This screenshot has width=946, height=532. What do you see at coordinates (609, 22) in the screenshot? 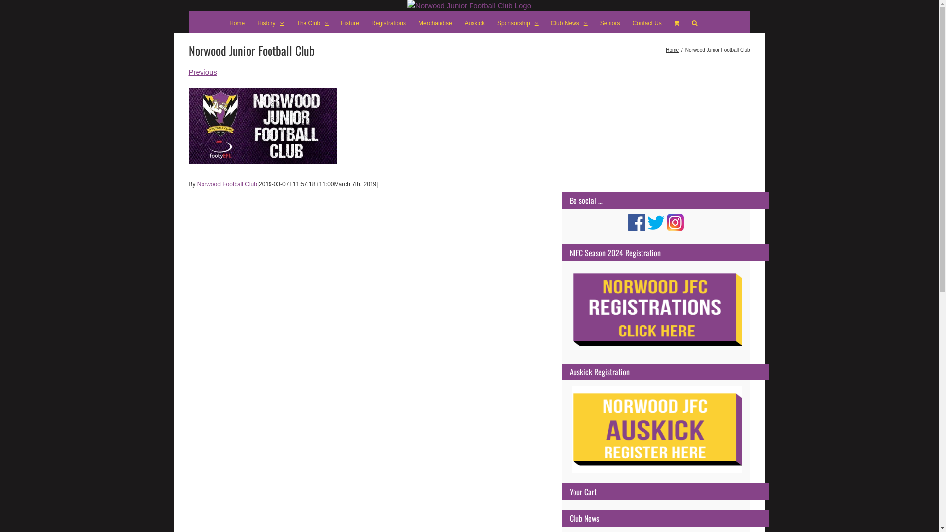
I see `'Seniors'` at bounding box center [609, 22].